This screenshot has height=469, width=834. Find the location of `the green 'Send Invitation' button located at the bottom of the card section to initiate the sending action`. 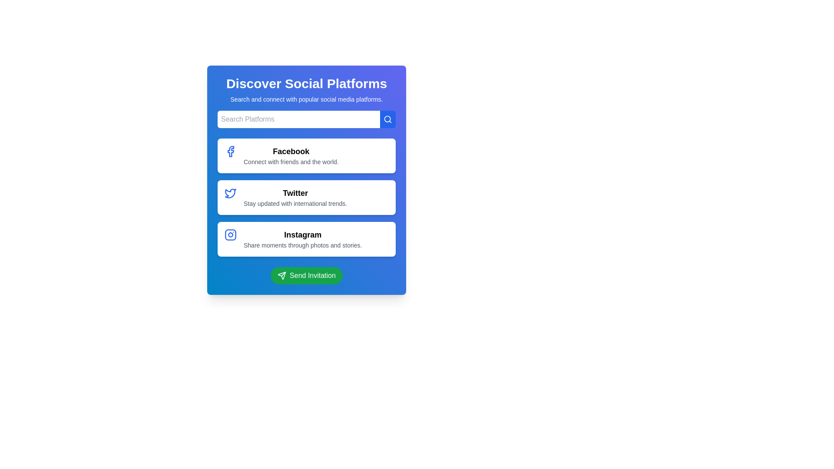

the green 'Send Invitation' button located at the bottom of the card section to initiate the sending action is located at coordinates (306, 276).